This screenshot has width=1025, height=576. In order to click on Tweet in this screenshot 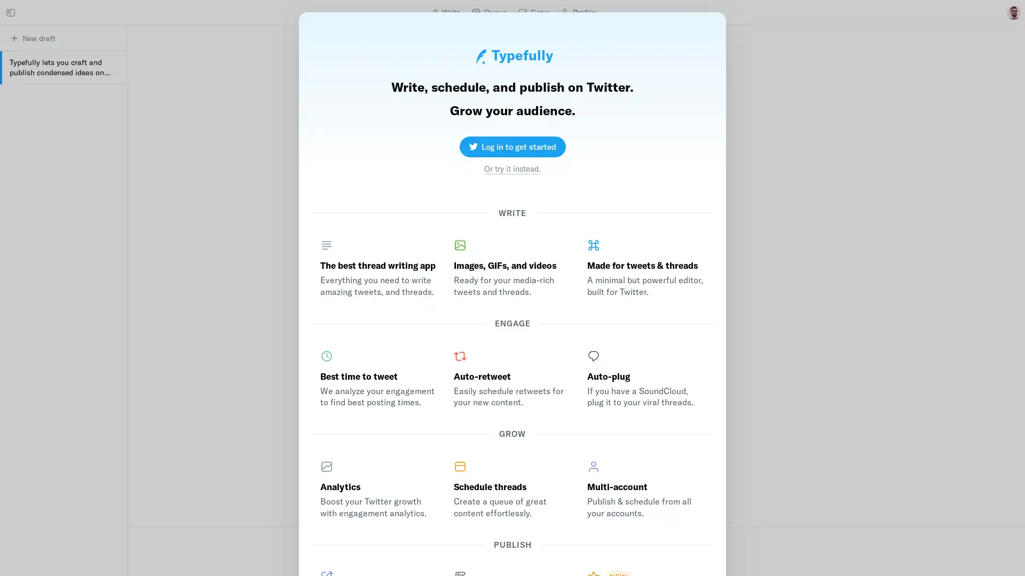, I will do `click(648, 559)`.